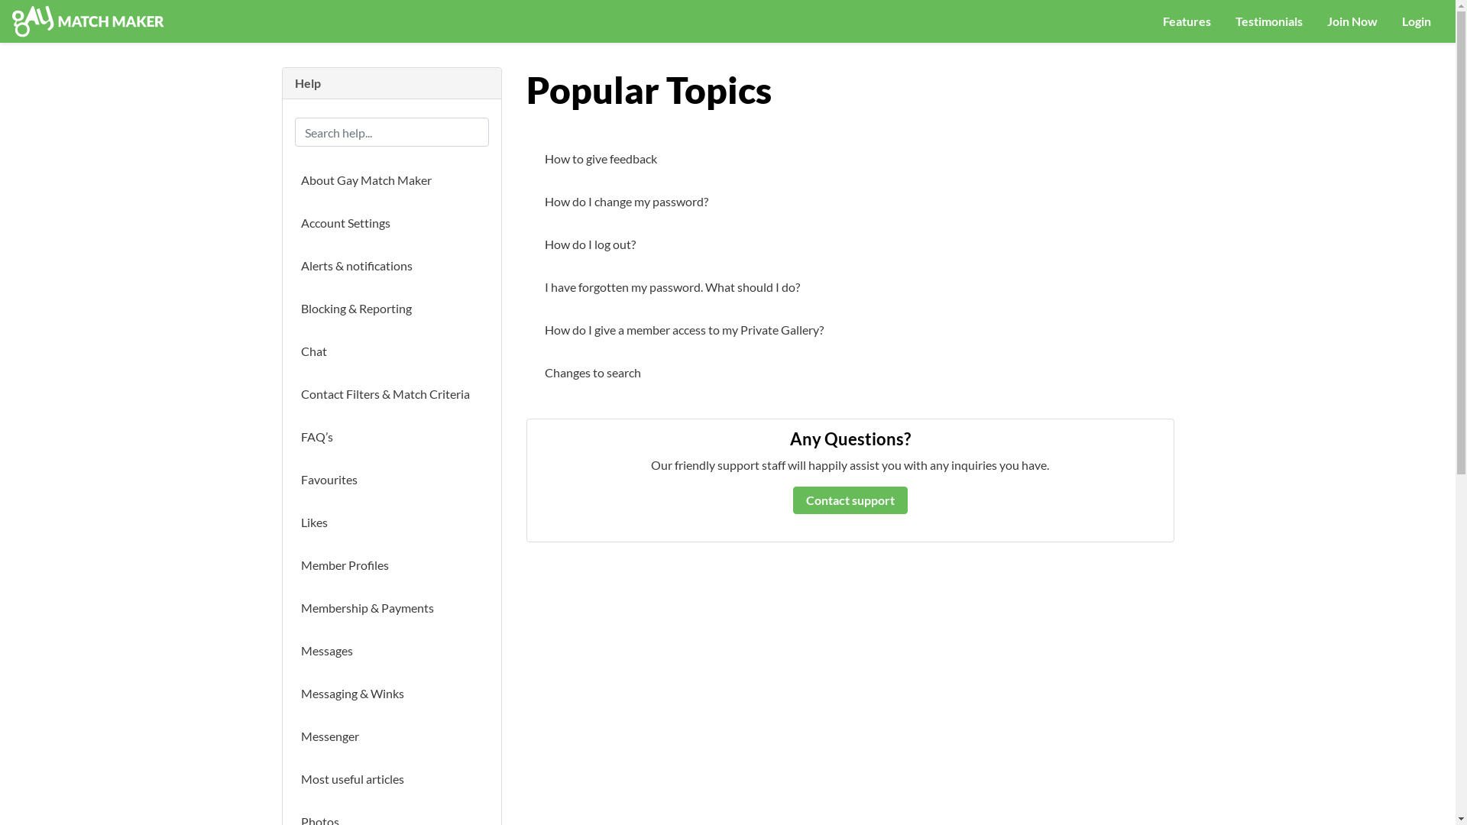  Describe the element at coordinates (1186, 21) in the screenshot. I see `'Features'` at that location.